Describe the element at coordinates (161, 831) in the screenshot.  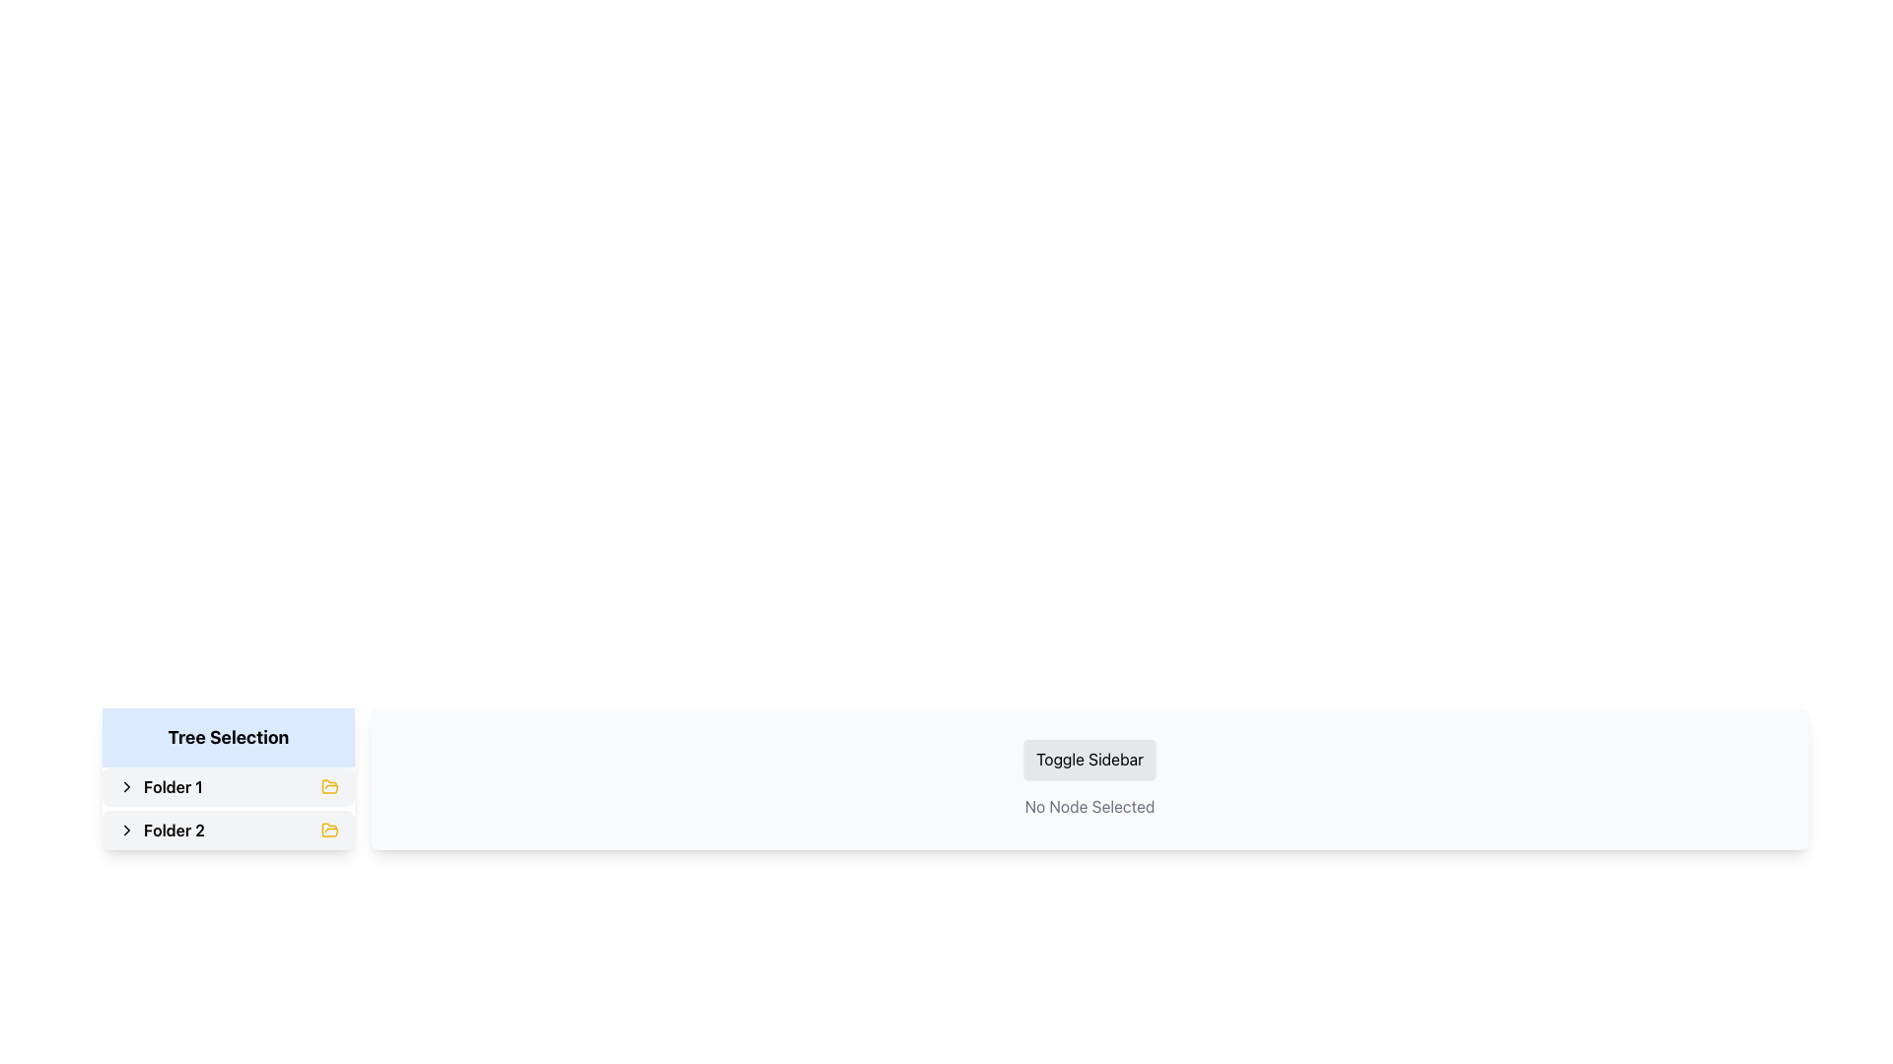
I see `the folder label for 'Folder 2' in the second row of the vertical list` at that location.